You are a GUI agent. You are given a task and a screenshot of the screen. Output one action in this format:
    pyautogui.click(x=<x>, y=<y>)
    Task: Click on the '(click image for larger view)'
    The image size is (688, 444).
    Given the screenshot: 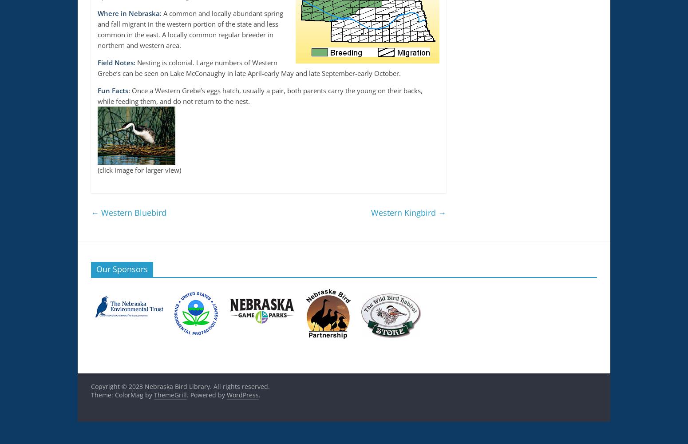 What is the action you would take?
    pyautogui.click(x=139, y=170)
    